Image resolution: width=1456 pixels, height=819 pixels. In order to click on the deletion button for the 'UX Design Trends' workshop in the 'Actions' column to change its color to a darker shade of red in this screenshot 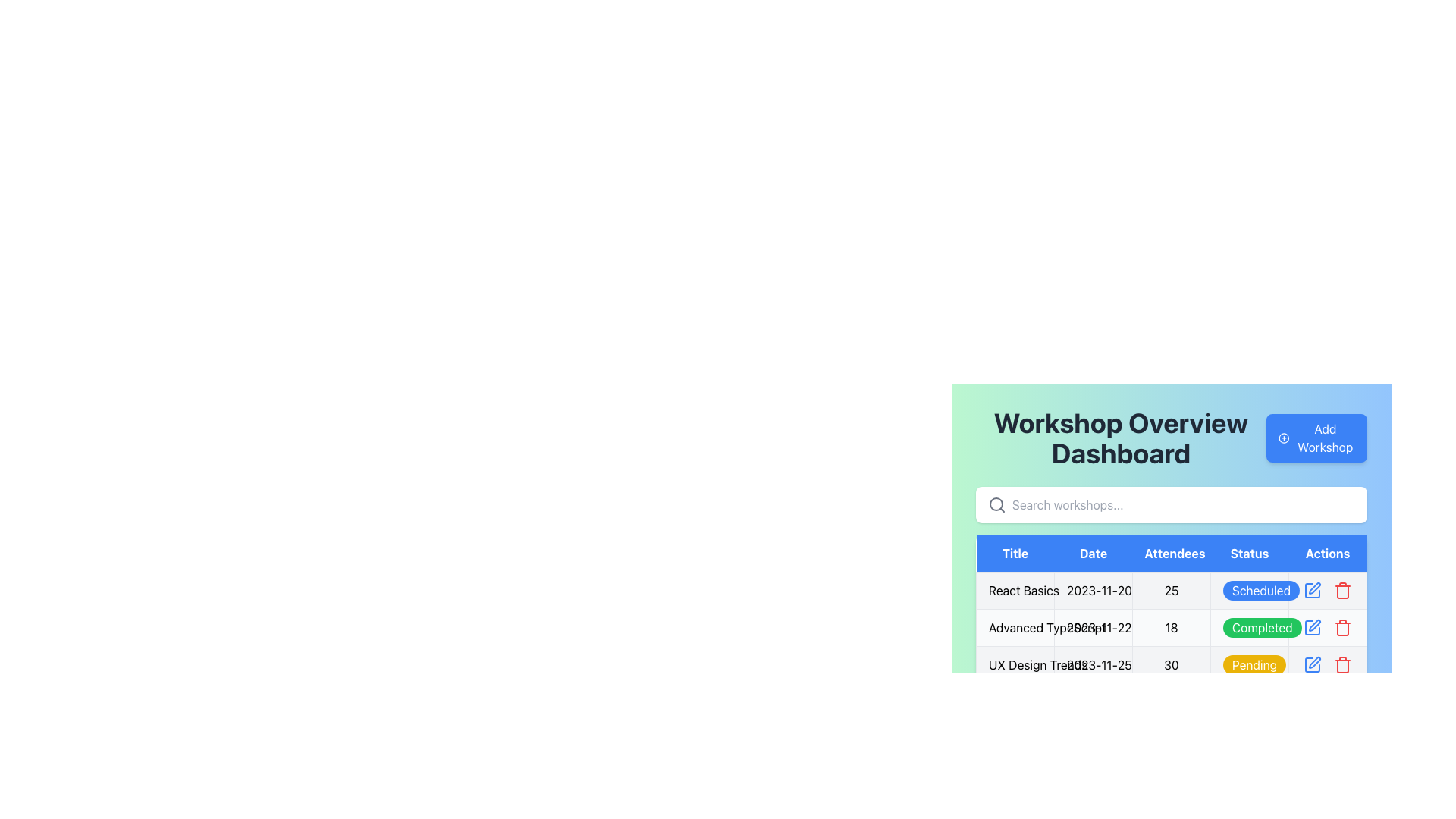, I will do `click(1343, 664)`.